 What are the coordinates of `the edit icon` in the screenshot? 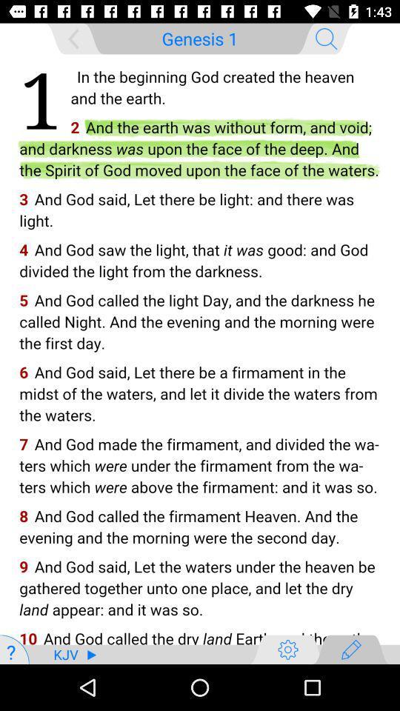 It's located at (350, 649).